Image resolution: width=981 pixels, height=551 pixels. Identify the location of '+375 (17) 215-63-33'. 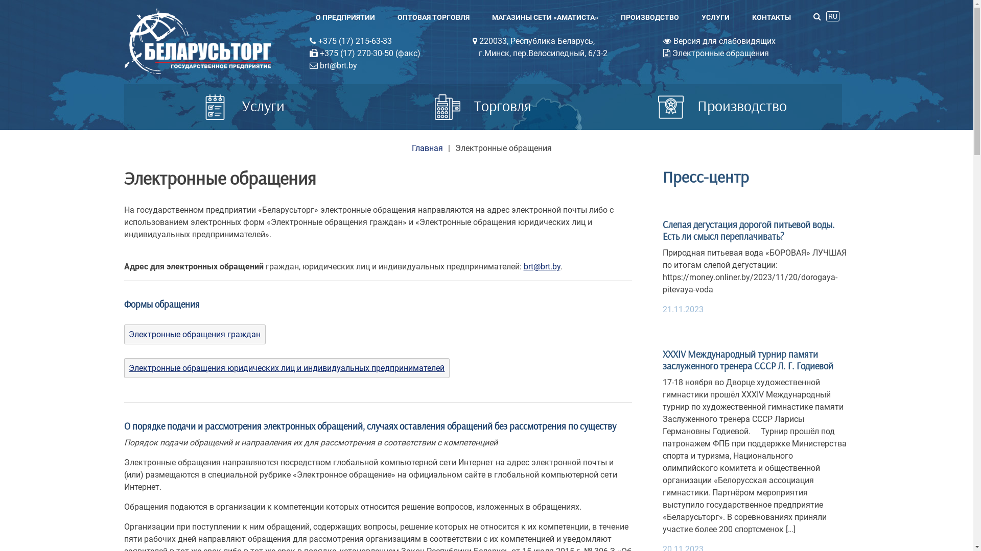
(351, 40).